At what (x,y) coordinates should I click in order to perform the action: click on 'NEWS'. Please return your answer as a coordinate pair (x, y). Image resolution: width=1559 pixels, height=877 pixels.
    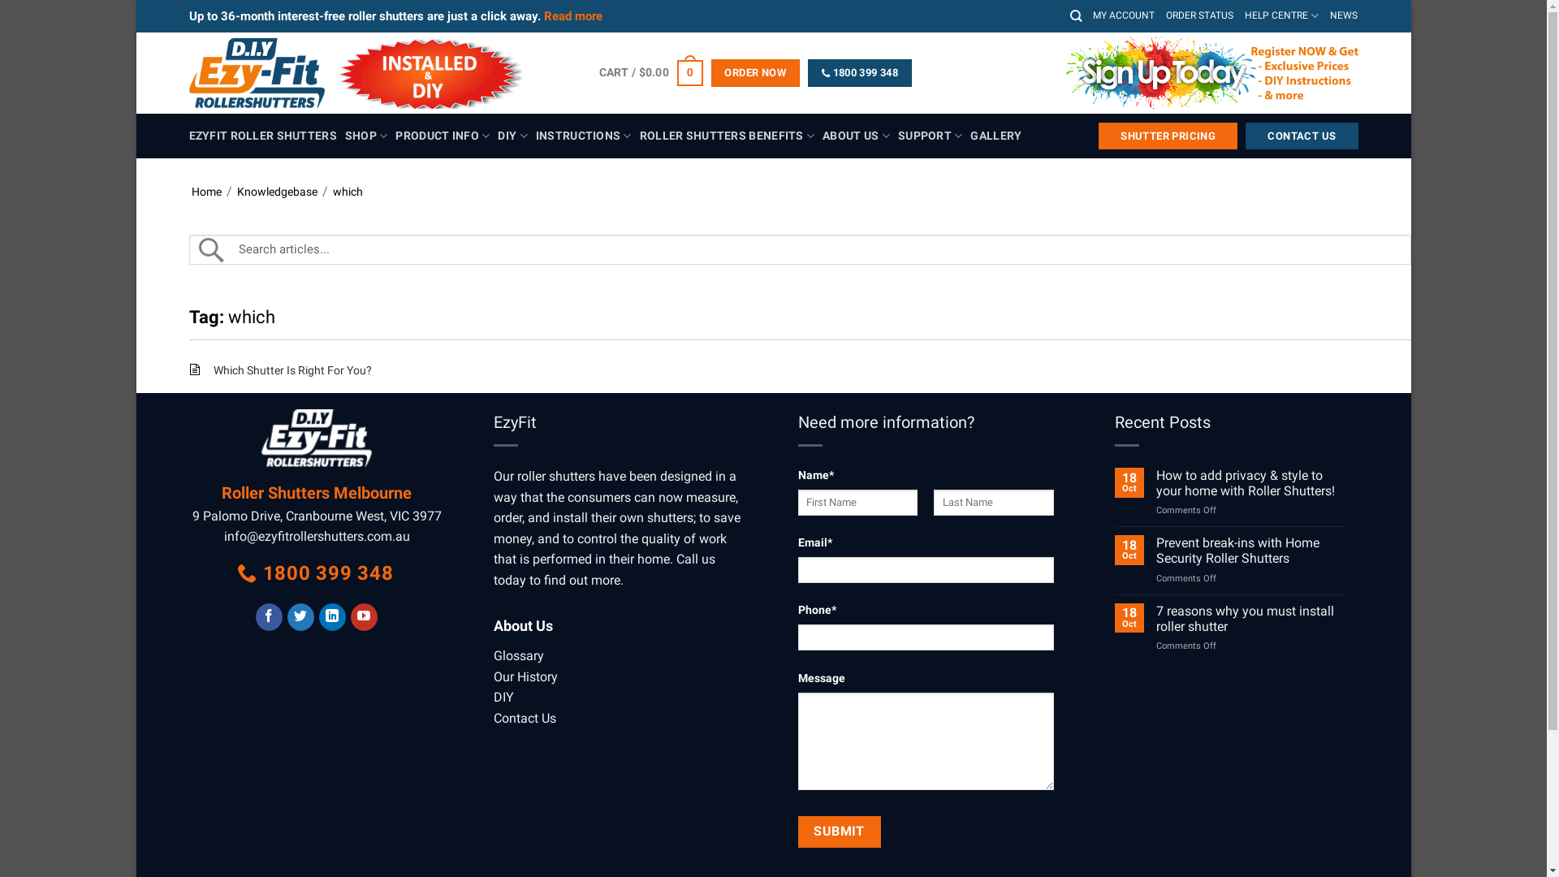
    Looking at the image, I should click on (1344, 15).